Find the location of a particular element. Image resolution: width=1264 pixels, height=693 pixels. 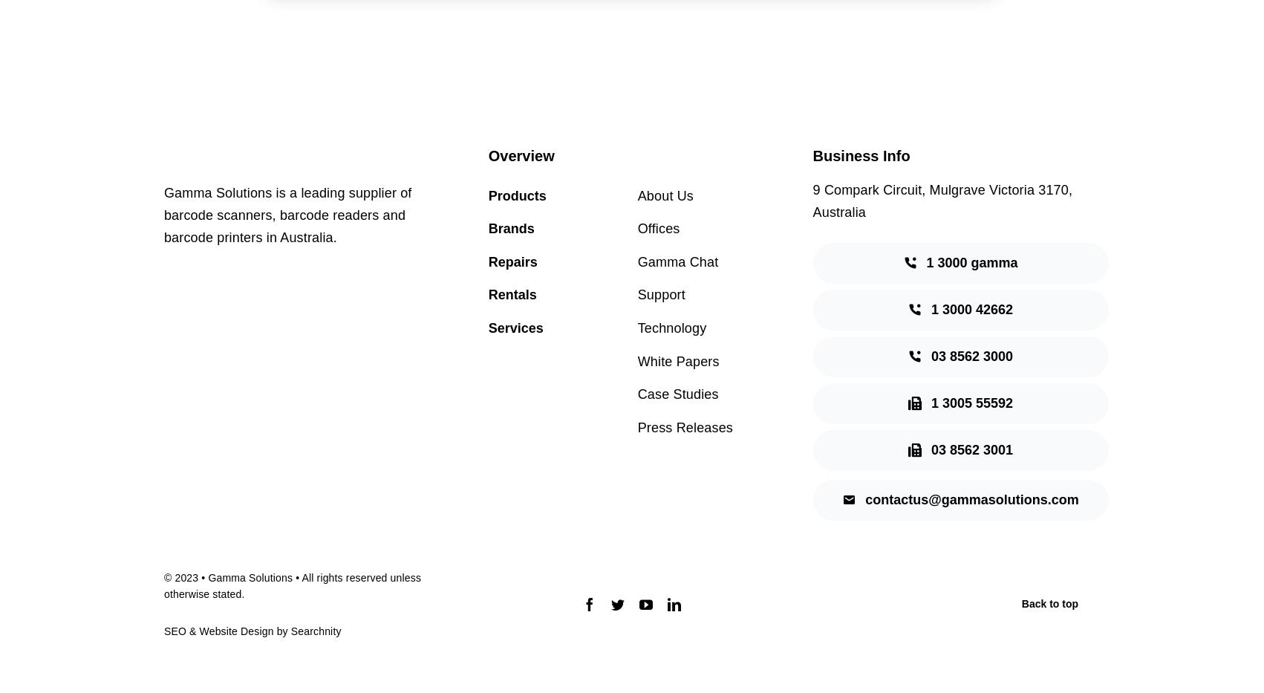

'Technology' is located at coordinates (671, 327).